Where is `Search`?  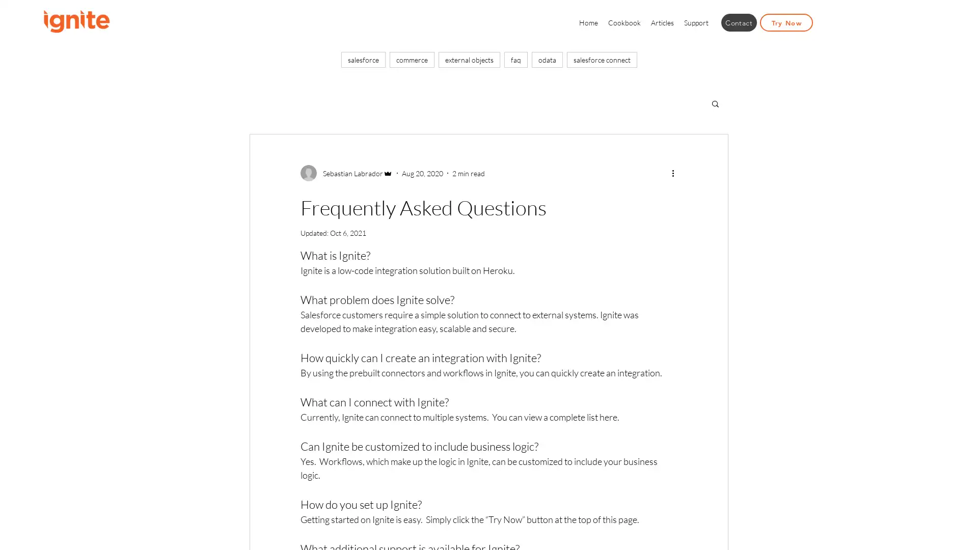 Search is located at coordinates (715, 104).